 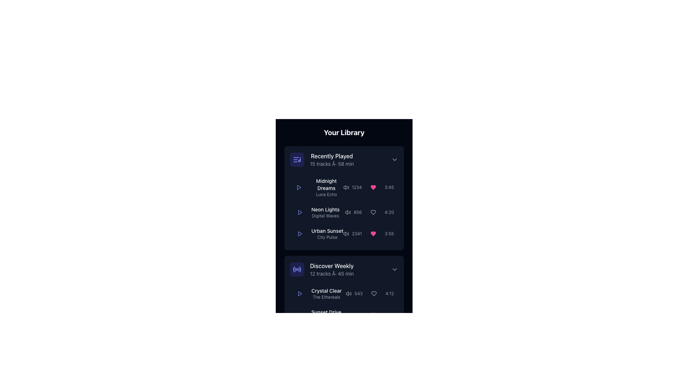 I want to click on the triangular play icon in the 'Recently Played' section of the music playlist to play the track, so click(x=300, y=233).